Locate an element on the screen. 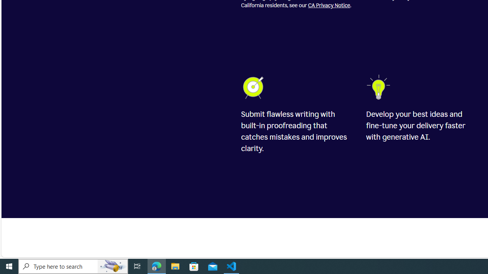 The height and width of the screenshot is (274, 488). 'Lightbulb' is located at coordinates (379, 87).